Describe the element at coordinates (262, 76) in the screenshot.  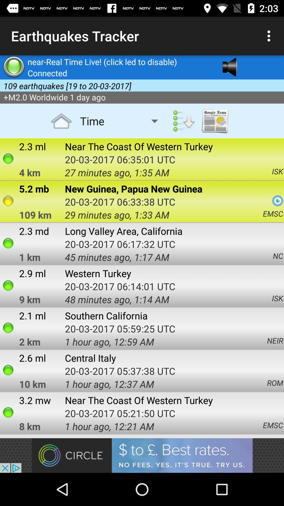
I see `the close icon` at that location.